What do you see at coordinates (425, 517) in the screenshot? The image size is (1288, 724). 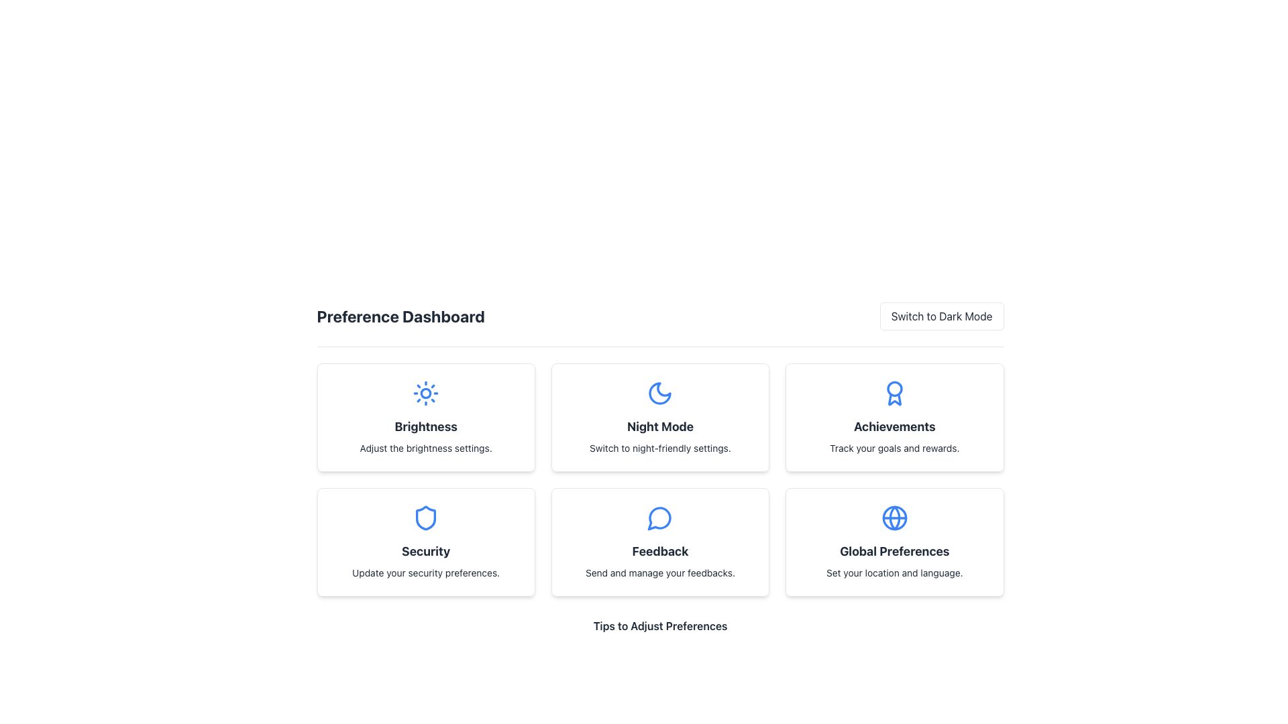 I see `the shield icon representing the 'Security' section located at the center-upper part of the card labeled 'Security'` at bounding box center [425, 517].